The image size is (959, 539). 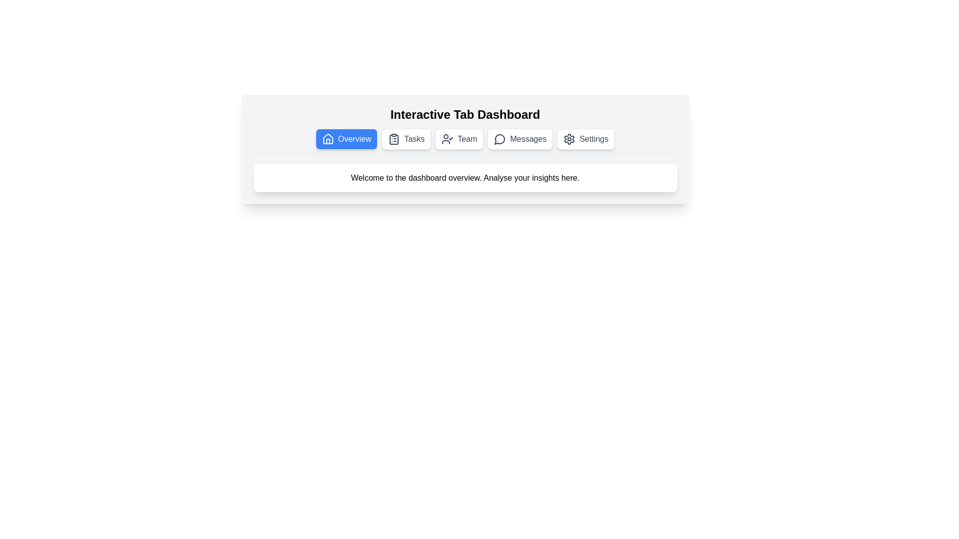 I want to click on the 'Tasks' icon, which is a line-based glyph icon resembling a clipboard or list, located, so click(x=394, y=140).